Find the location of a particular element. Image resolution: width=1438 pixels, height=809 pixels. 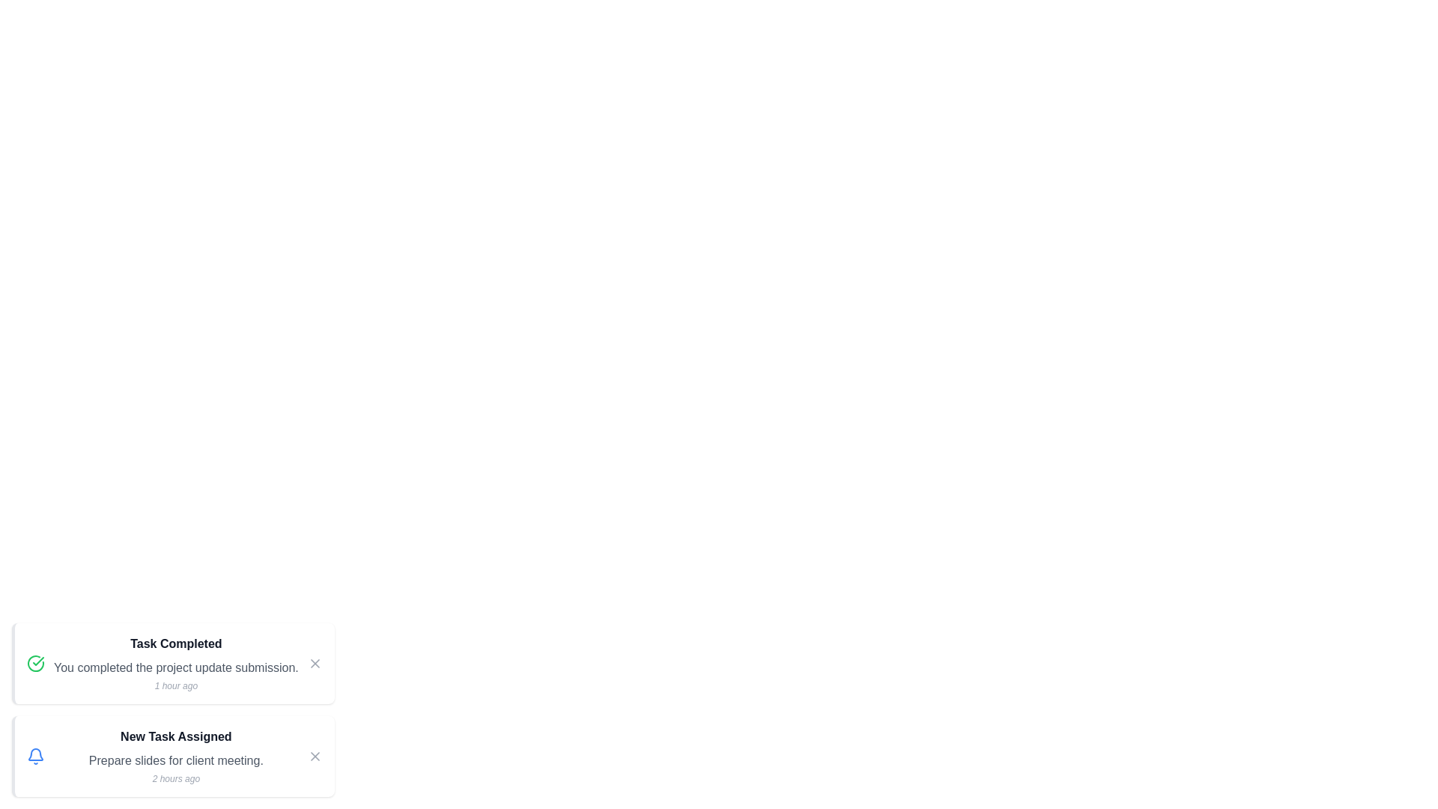

the task with title New Task Assigned and its associated icon is located at coordinates (176, 736).